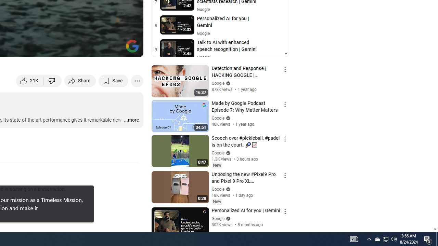 The height and width of the screenshot is (246, 438). I want to click on 'New', so click(217, 201).